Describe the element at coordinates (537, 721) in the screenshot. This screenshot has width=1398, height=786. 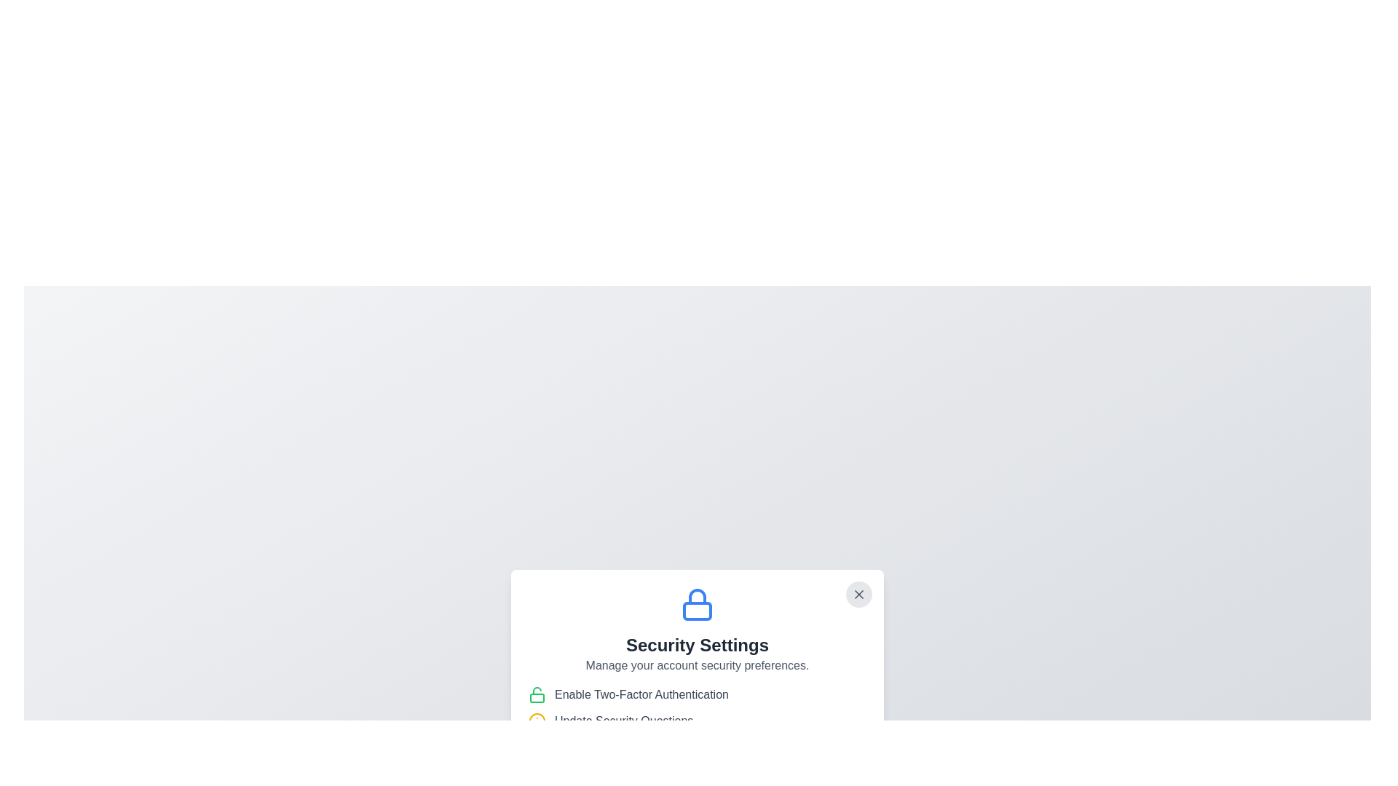
I see `the info icon that visually indicates the 'Update Security Questions' option, which is positioned on the left side of the corresponding text` at that location.